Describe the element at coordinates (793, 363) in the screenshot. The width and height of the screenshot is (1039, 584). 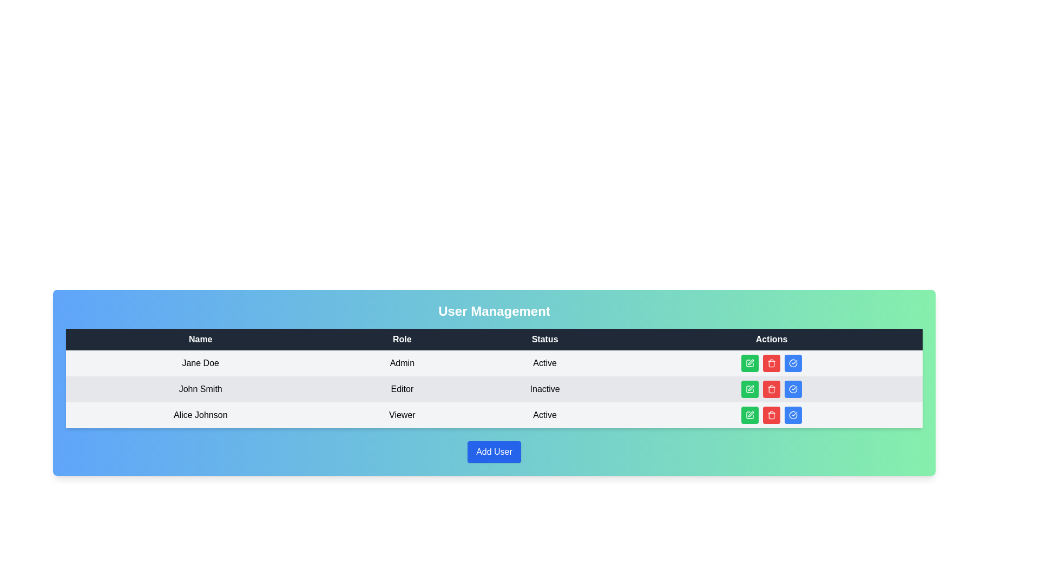
I see `the rightmost button in the Actions column of the third row in the user management table` at that location.